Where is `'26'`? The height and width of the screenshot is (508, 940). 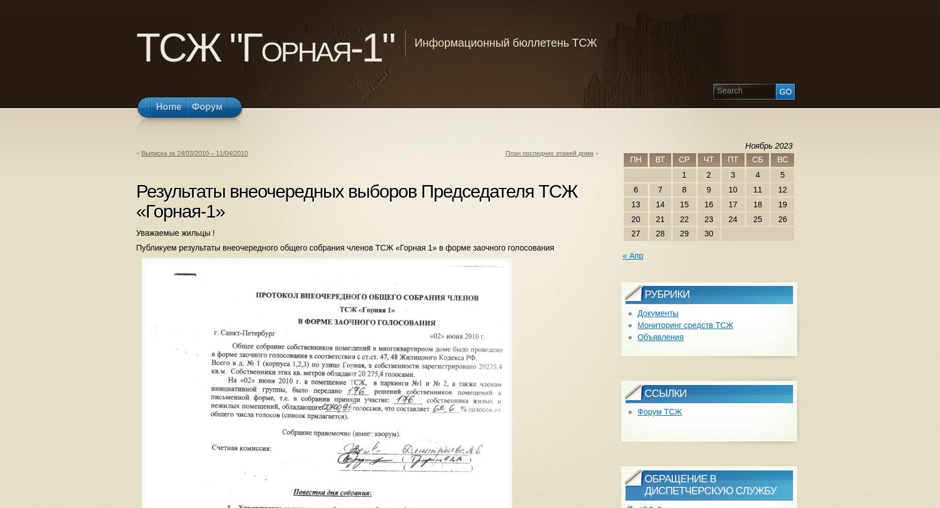
'26' is located at coordinates (777, 218).